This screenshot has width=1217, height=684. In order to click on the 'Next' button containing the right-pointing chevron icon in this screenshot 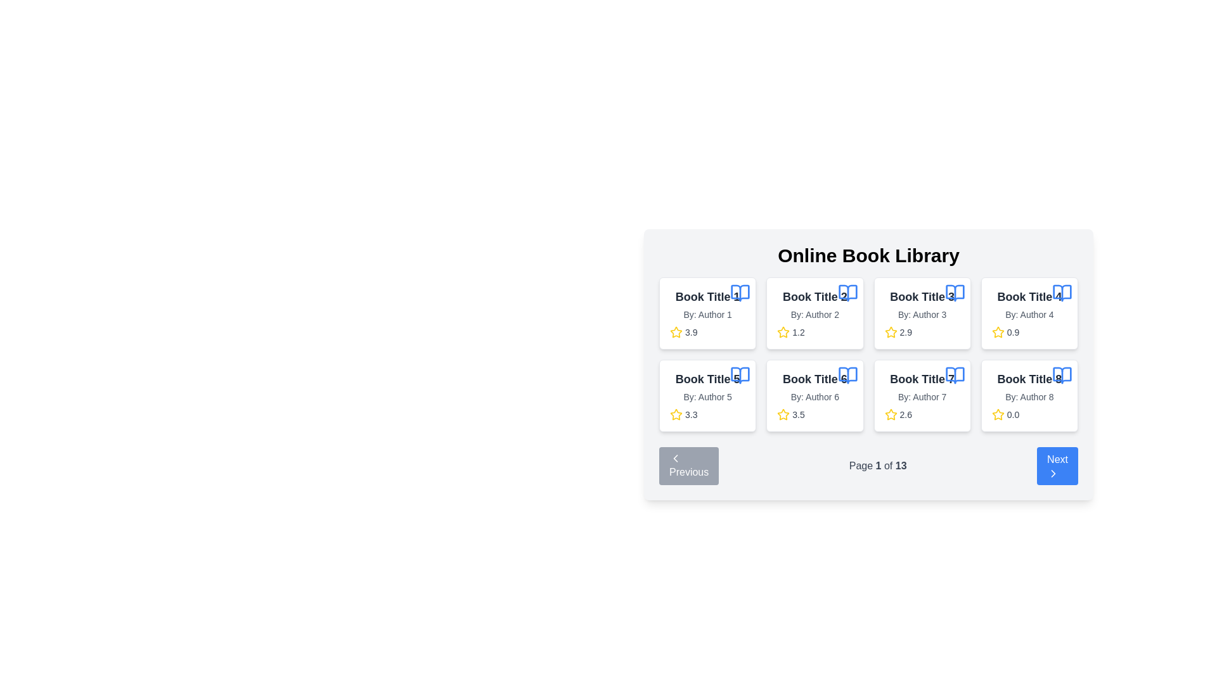, I will do `click(1053, 474)`.